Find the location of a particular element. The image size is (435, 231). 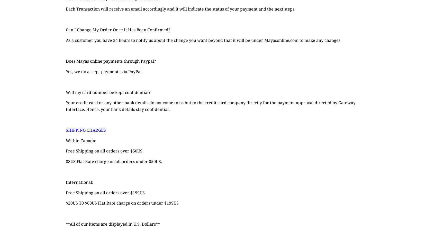

'$20US T0 $60US Flat Rate charge on orders under $199US' is located at coordinates (122, 203).